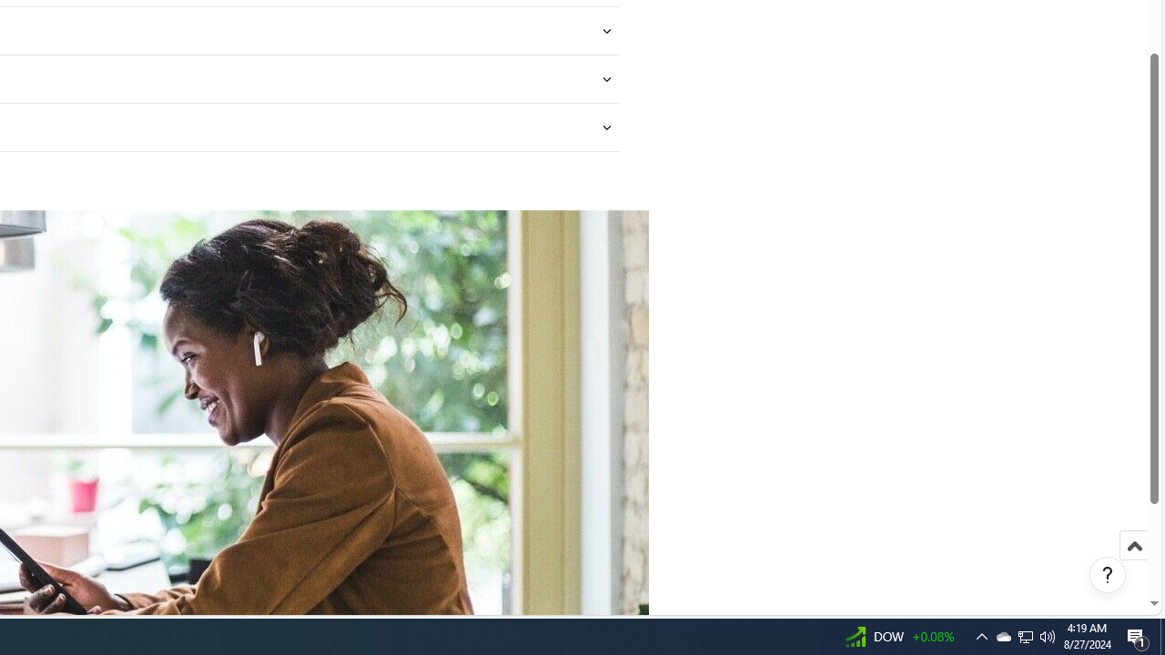 The height and width of the screenshot is (655, 1165). Describe the element at coordinates (1133, 544) in the screenshot. I see `'Scroll to top'` at that location.